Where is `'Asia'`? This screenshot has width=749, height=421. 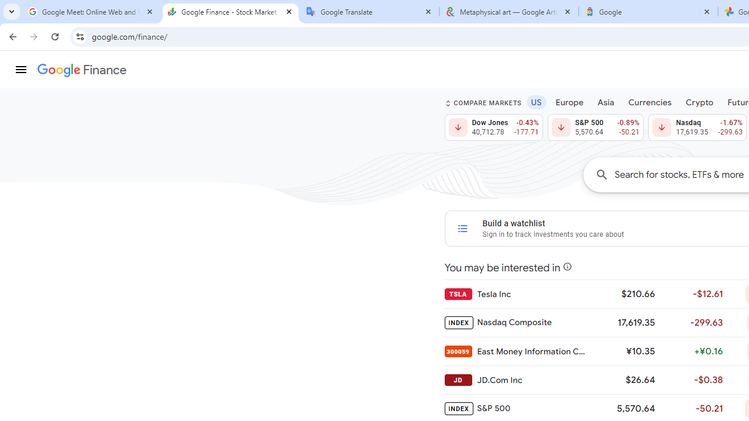
'Asia' is located at coordinates (606, 101).